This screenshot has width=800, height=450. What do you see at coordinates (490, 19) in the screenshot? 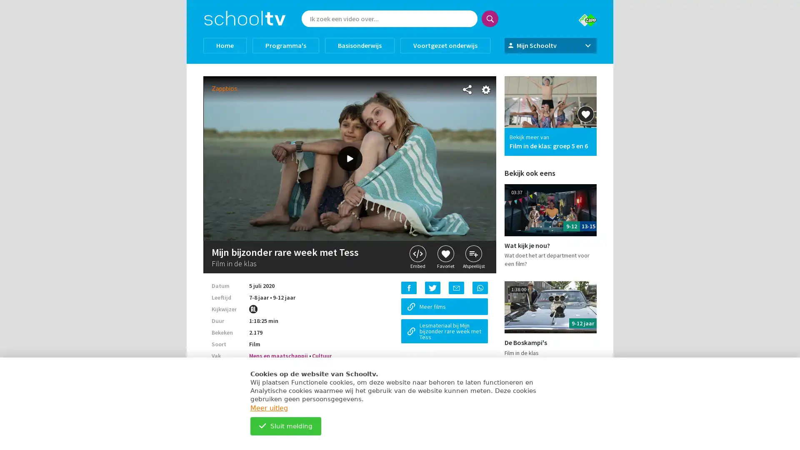
I see `Zoeken` at bounding box center [490, 19].